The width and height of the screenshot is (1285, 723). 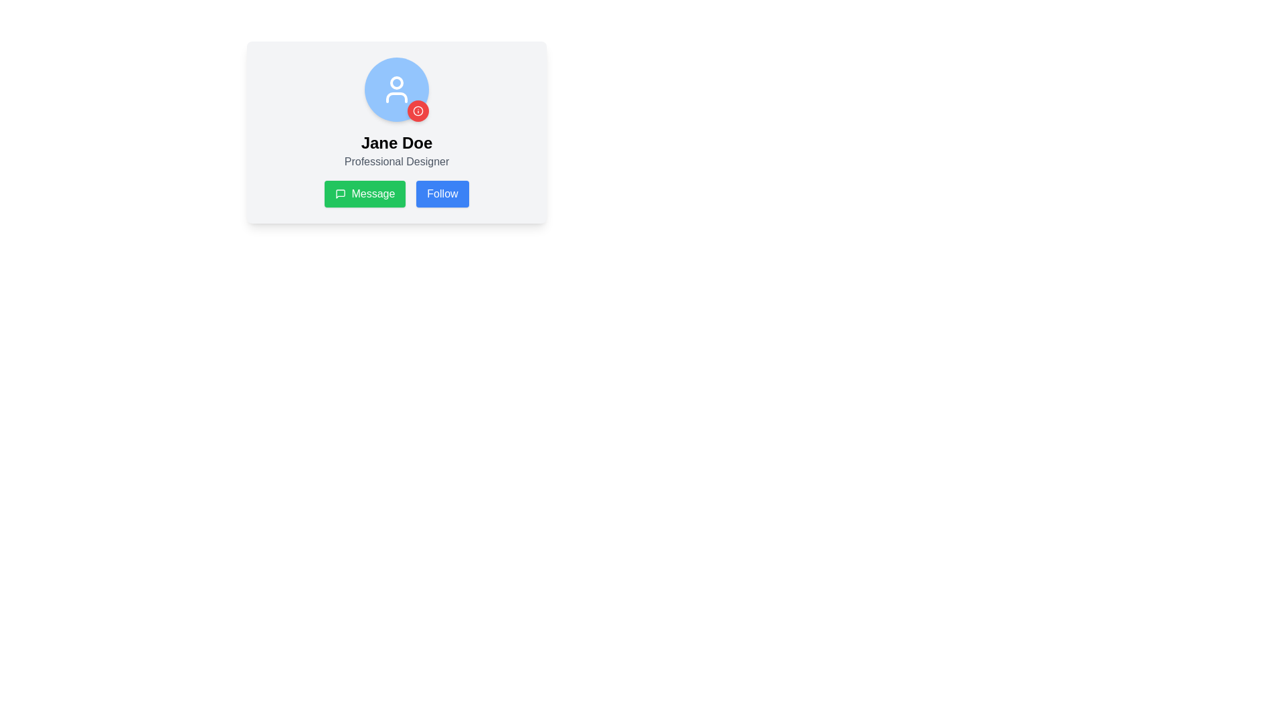 I want to click on the green 'Message' button with rounded corners and a speech bubble icon, so click(x=365, y=193).